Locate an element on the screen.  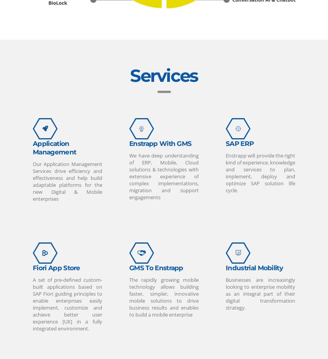
'Our Application Management Services drive efficiency and effectiveness and help build adaptable platforms for the new Digital & Mobile enterprises' is located at coordinates (67, 180).